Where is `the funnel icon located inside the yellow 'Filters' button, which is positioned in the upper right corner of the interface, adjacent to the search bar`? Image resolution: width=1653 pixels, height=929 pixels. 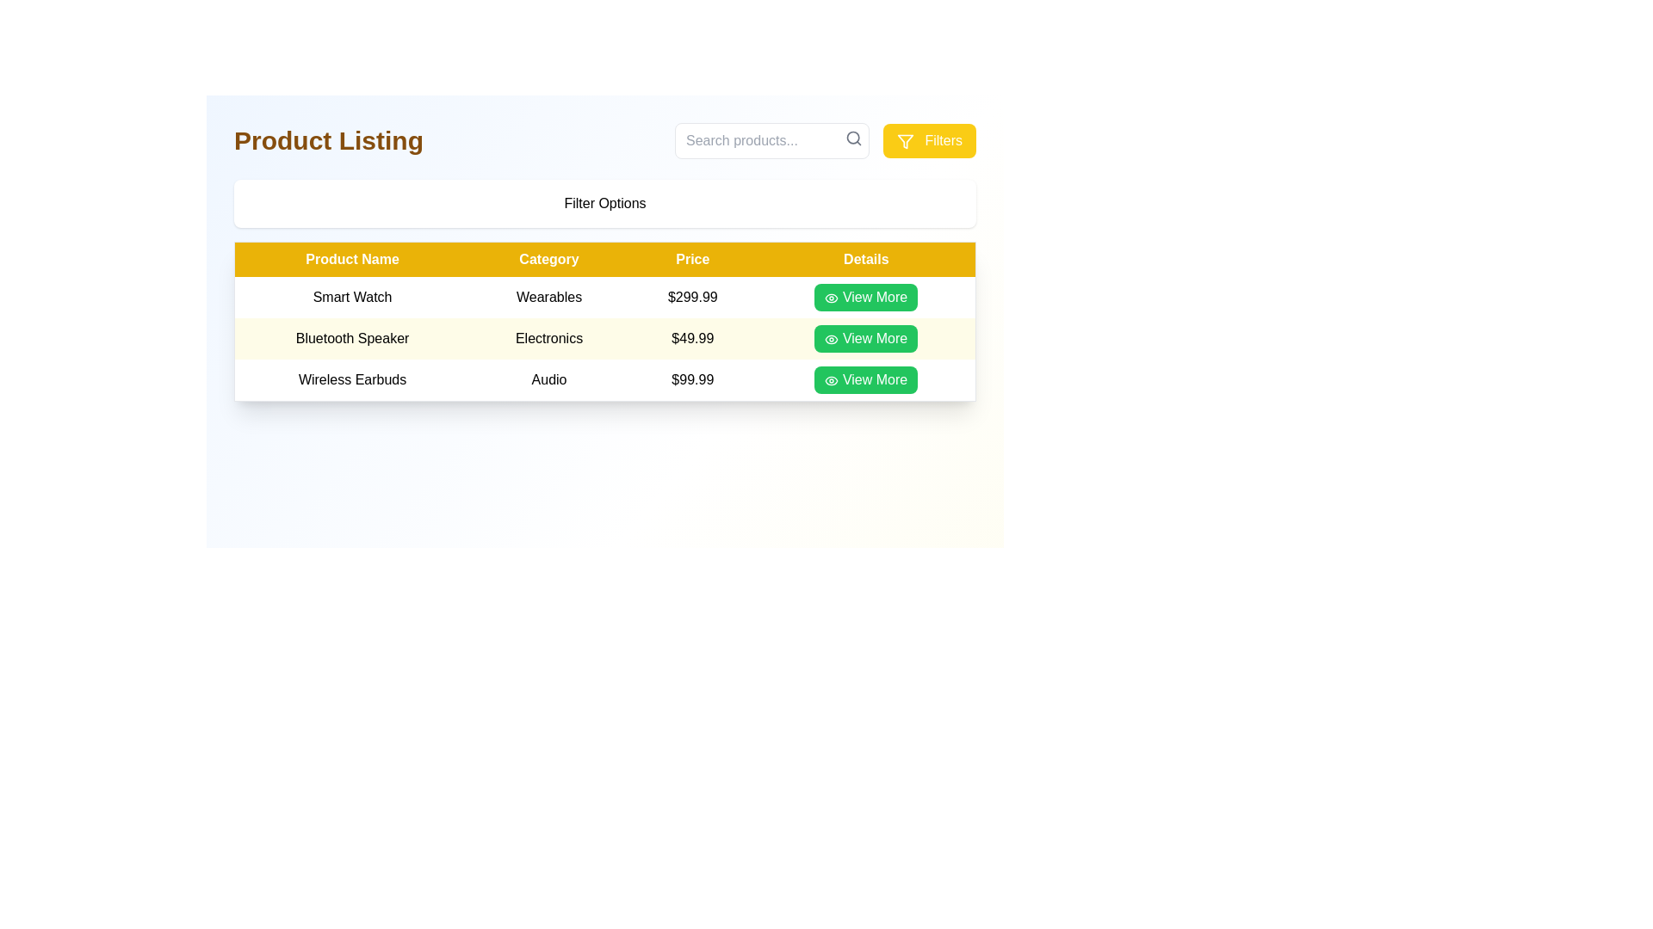 the funnel icon located inside the yellow 'Filters' button, which is positioned in the upper right corner of the interface, adjacent to the search bar is located at coordinates (904, 140).